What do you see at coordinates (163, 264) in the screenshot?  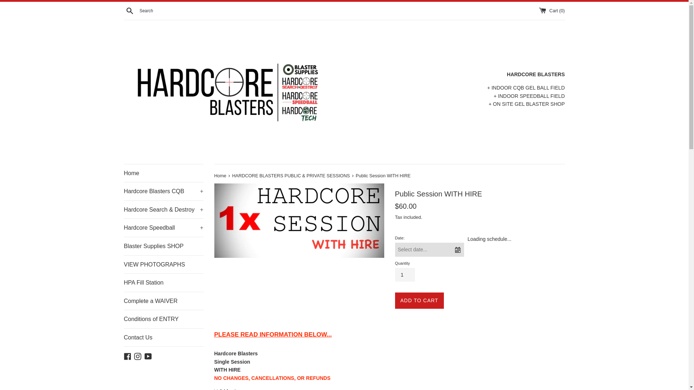 I see `'VIEW PHOTOGRAPHS'` at bounding box center [163, 264].